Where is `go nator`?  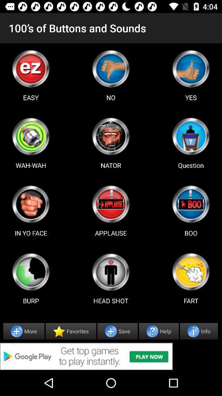 go nator is located at coordinates (111, 136).